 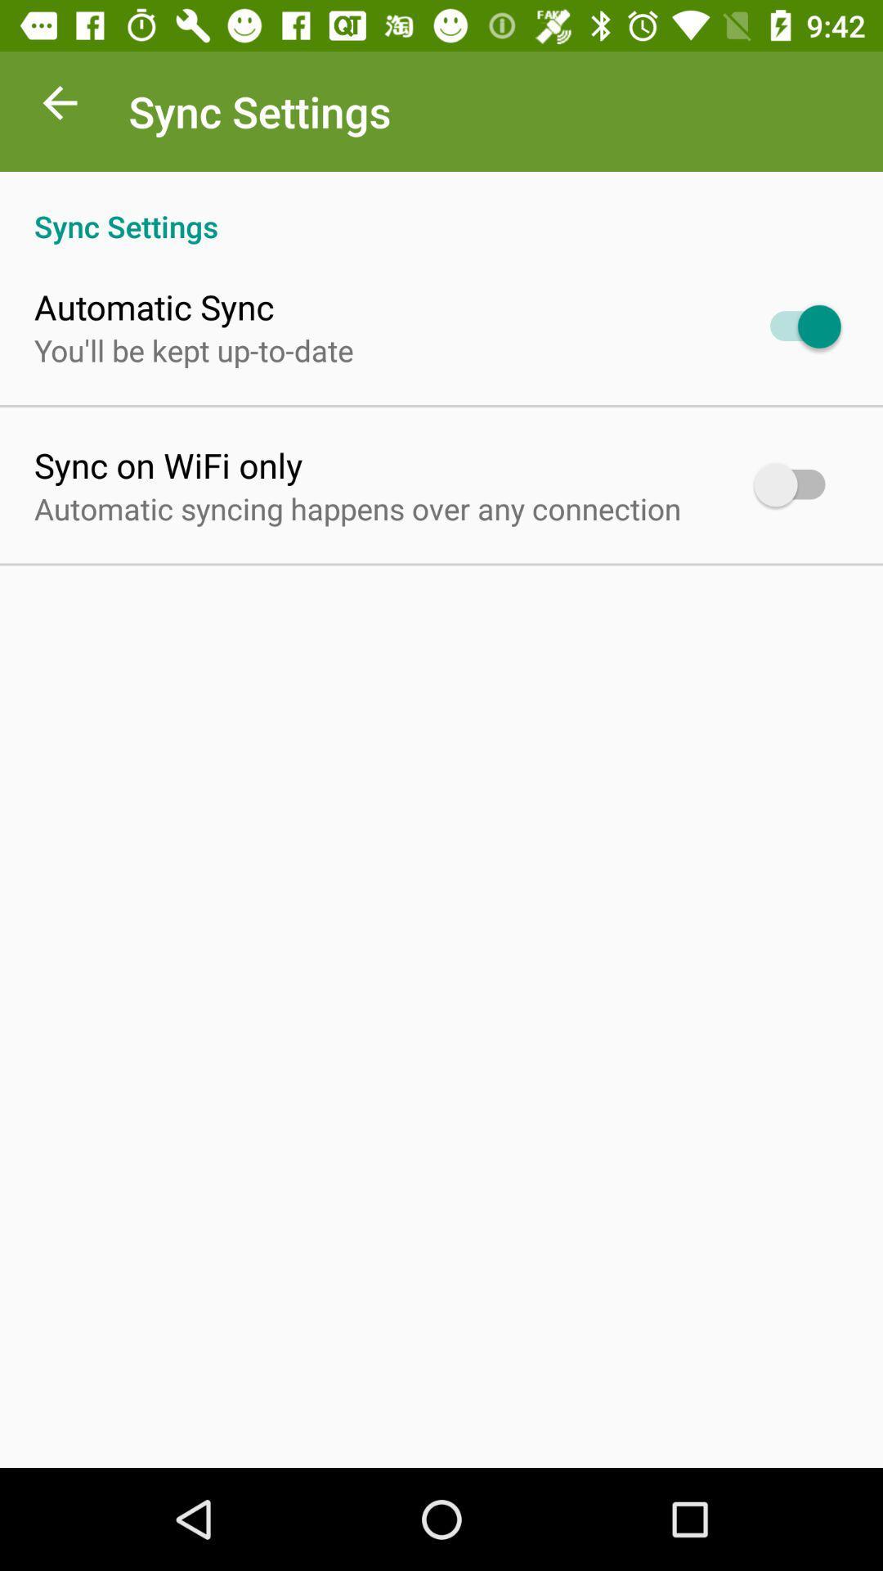 I want to click on the icon above automatic syncing happens app, so click(x=168, y=464).